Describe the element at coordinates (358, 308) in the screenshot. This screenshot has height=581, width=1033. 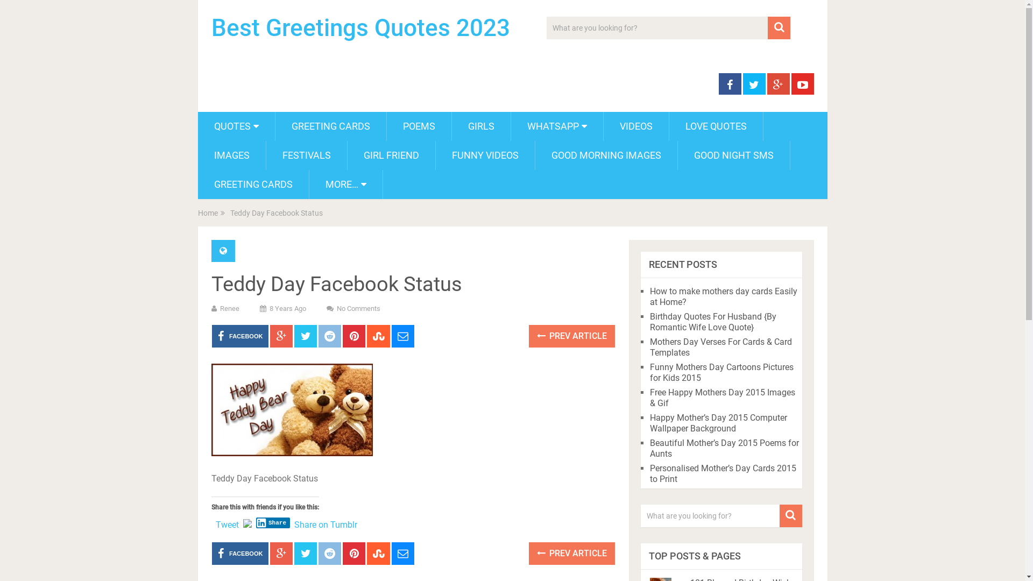
I see `'No Comments'` at that location.